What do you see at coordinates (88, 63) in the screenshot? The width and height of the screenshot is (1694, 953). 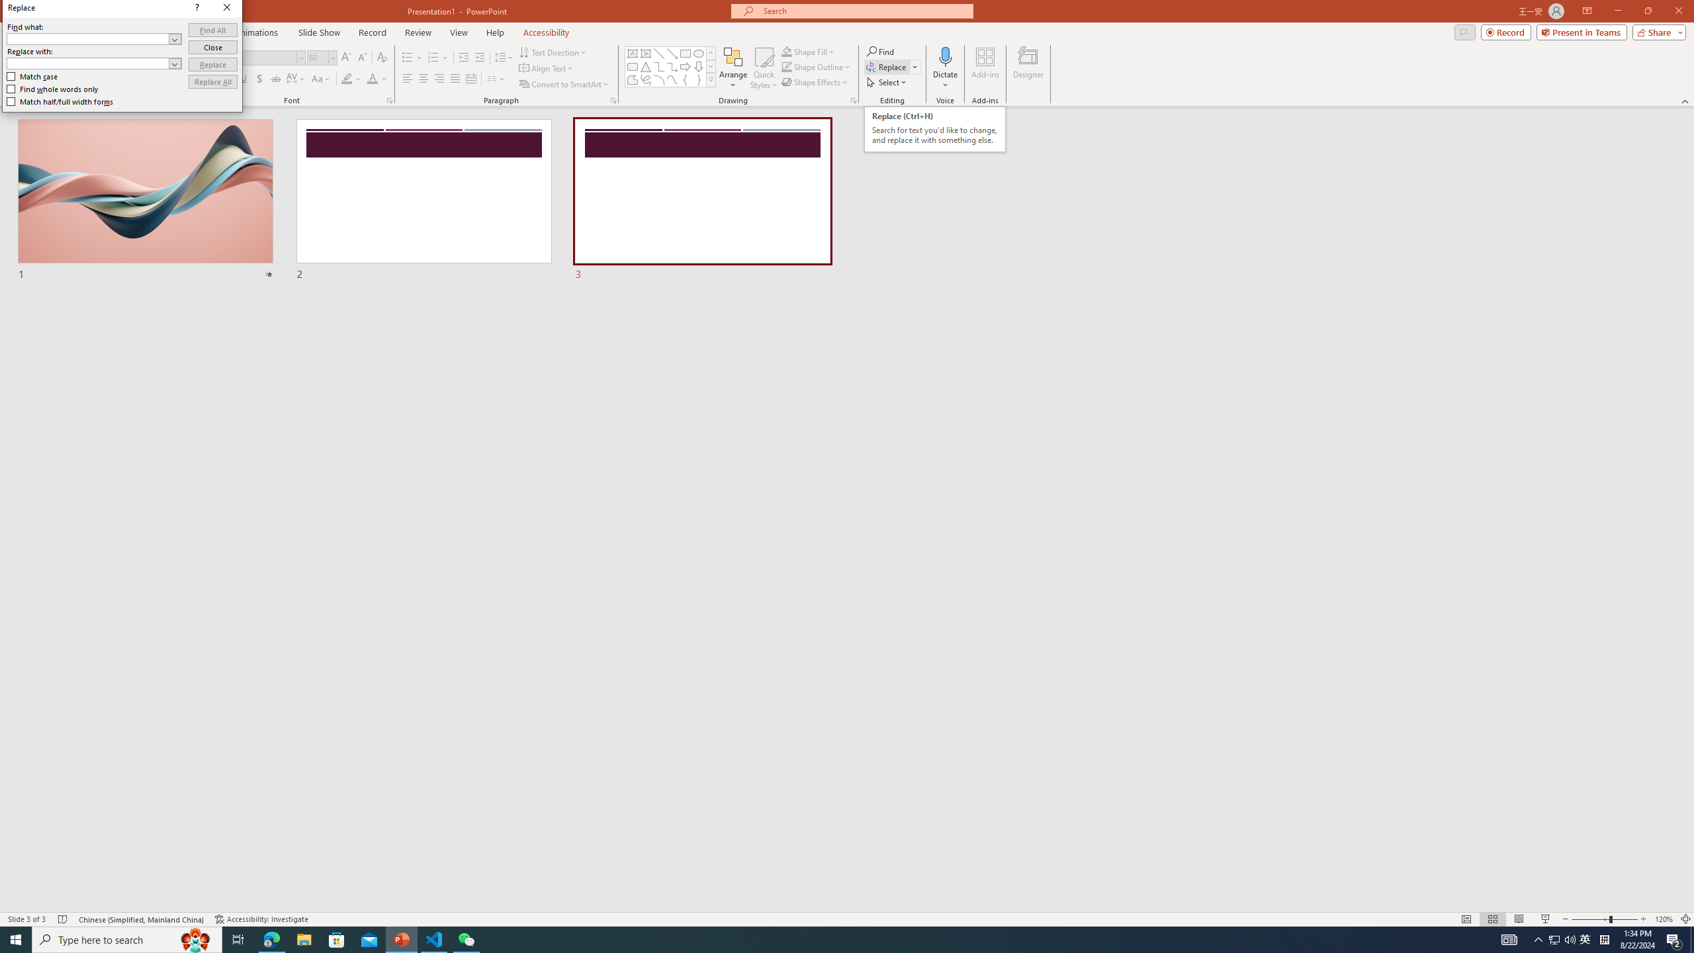 I see `'Replace with'` at bounding box center [88, 63].